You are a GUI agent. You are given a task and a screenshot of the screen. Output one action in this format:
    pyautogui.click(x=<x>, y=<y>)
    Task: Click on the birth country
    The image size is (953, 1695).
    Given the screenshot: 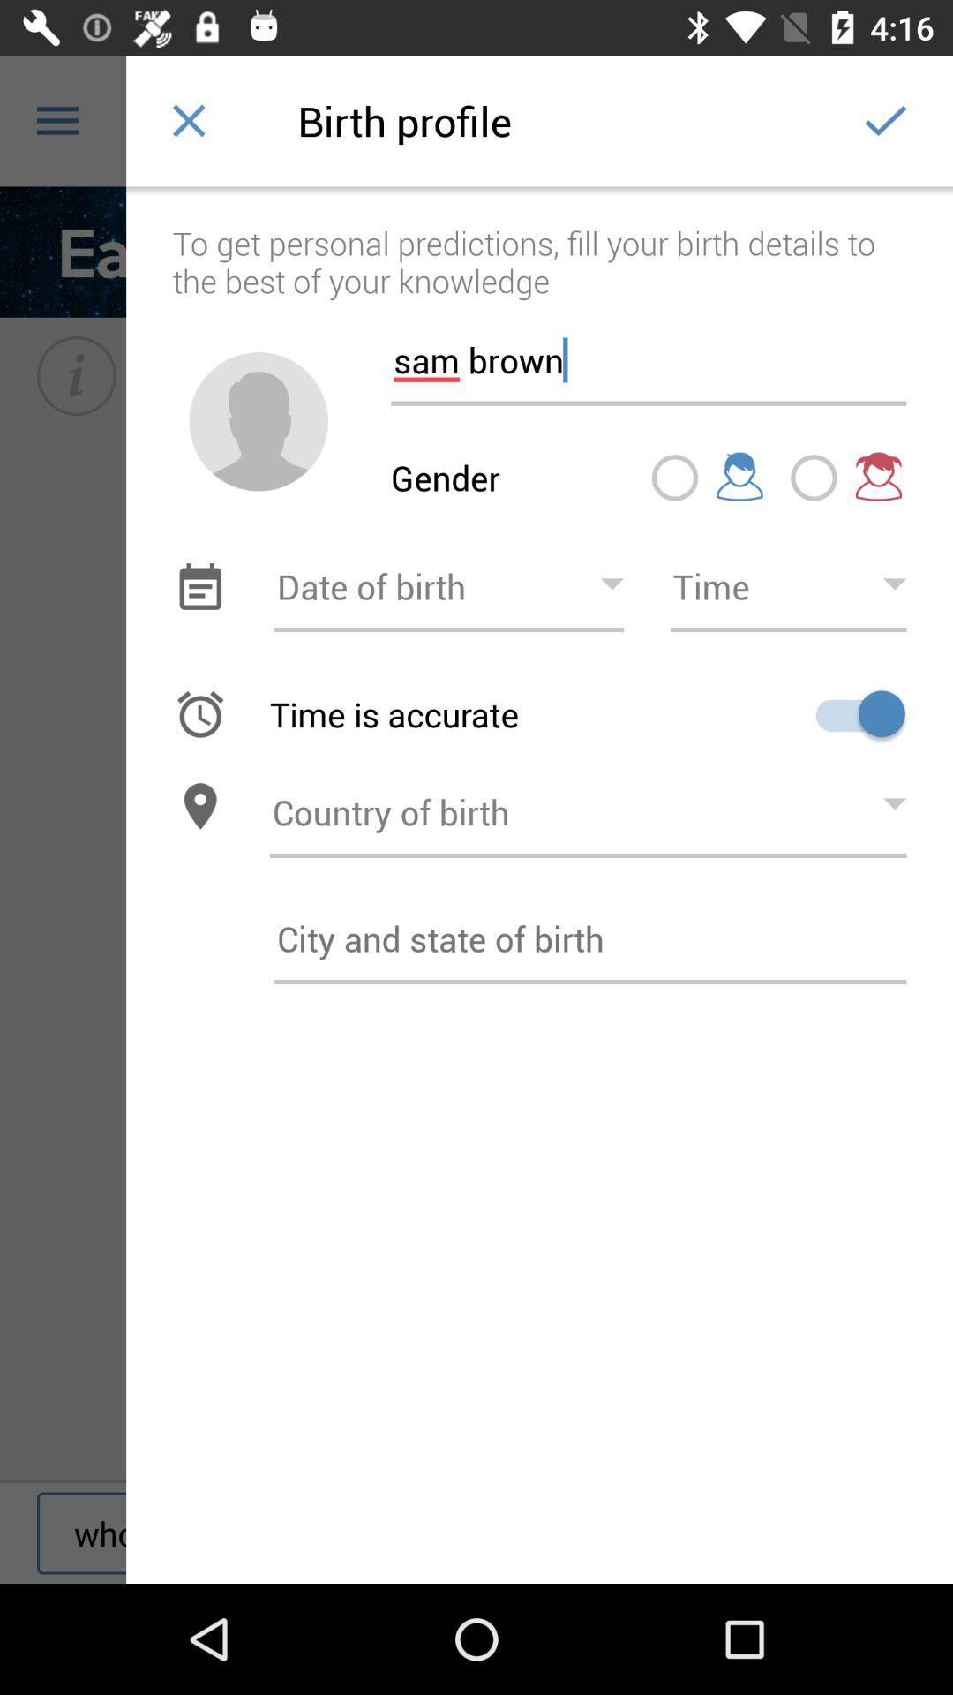 What is the action you would take?
    pyautogui.click(x=588, y=805)
    